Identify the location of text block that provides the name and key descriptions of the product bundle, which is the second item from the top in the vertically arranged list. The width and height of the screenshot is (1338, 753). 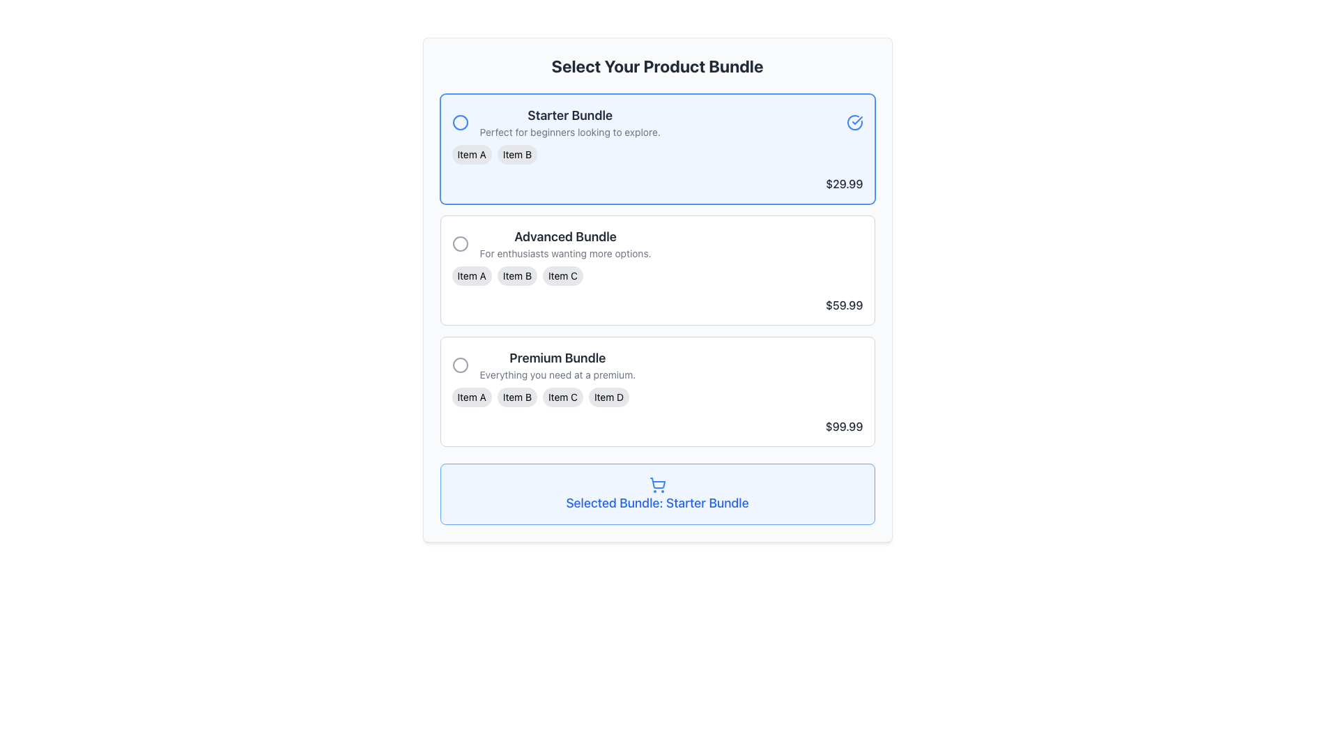
(565, 243).